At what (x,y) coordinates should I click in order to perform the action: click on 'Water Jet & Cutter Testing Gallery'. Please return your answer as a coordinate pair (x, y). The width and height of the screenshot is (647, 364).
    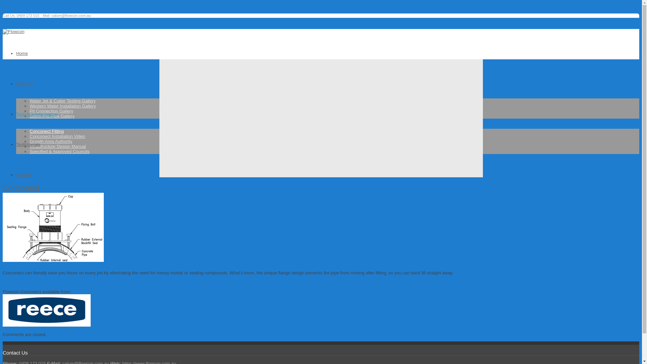
    Looking at the image, I should click on (29, 101).